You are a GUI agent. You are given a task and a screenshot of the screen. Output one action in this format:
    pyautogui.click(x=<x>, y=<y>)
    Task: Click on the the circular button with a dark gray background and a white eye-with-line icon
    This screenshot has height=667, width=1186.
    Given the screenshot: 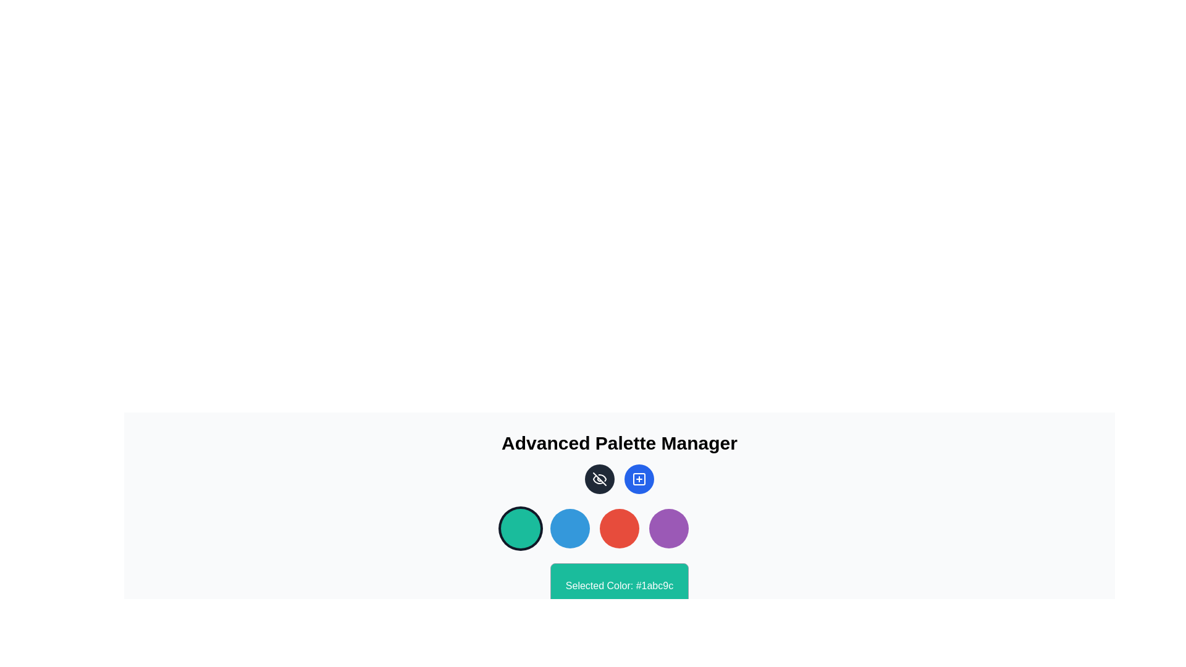 What is the action you would take?
    pyautogui.click(x=599, y=478)
    